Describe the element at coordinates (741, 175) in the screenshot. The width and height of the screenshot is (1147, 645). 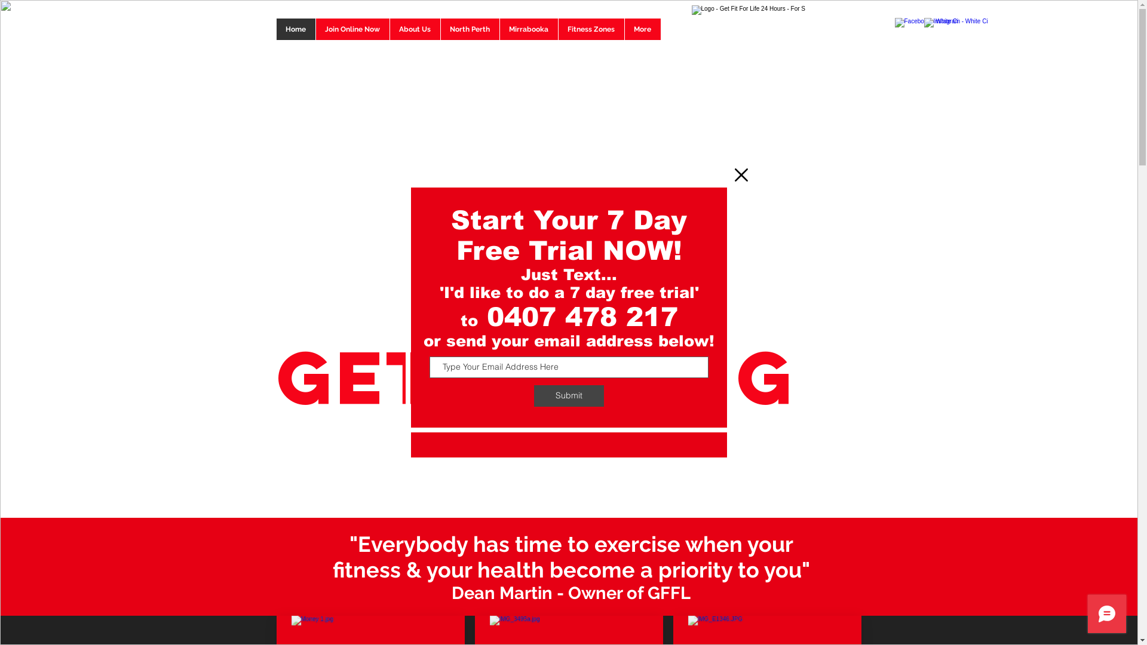
I see `'Back to site'` at that location.